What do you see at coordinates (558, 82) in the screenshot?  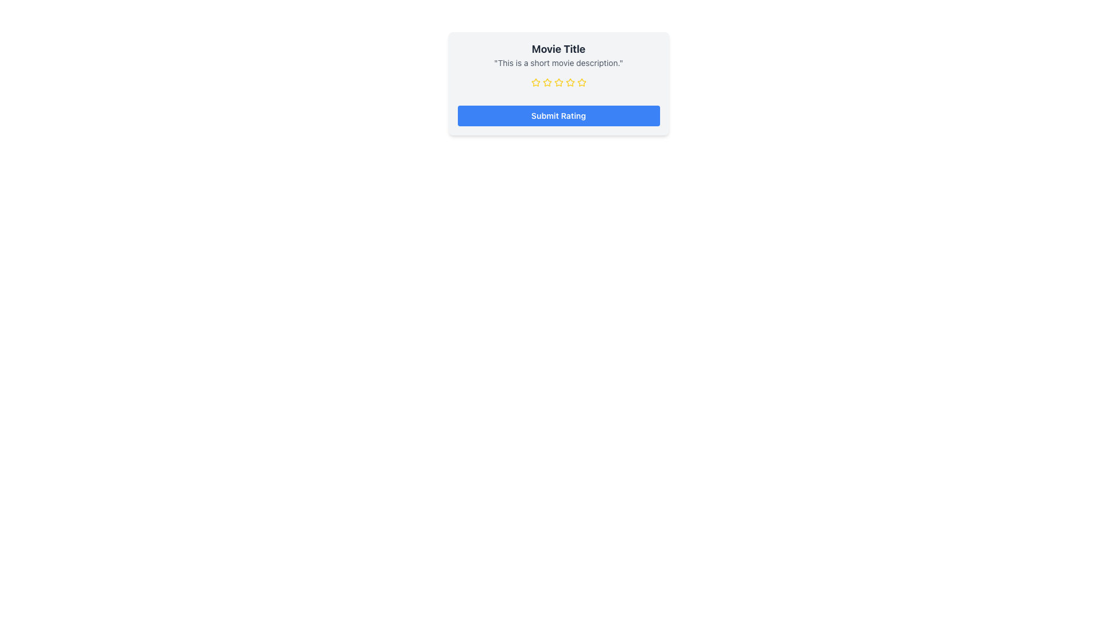 I see `the second star in the 5-star rating layout` at bounding box center [558, 82].